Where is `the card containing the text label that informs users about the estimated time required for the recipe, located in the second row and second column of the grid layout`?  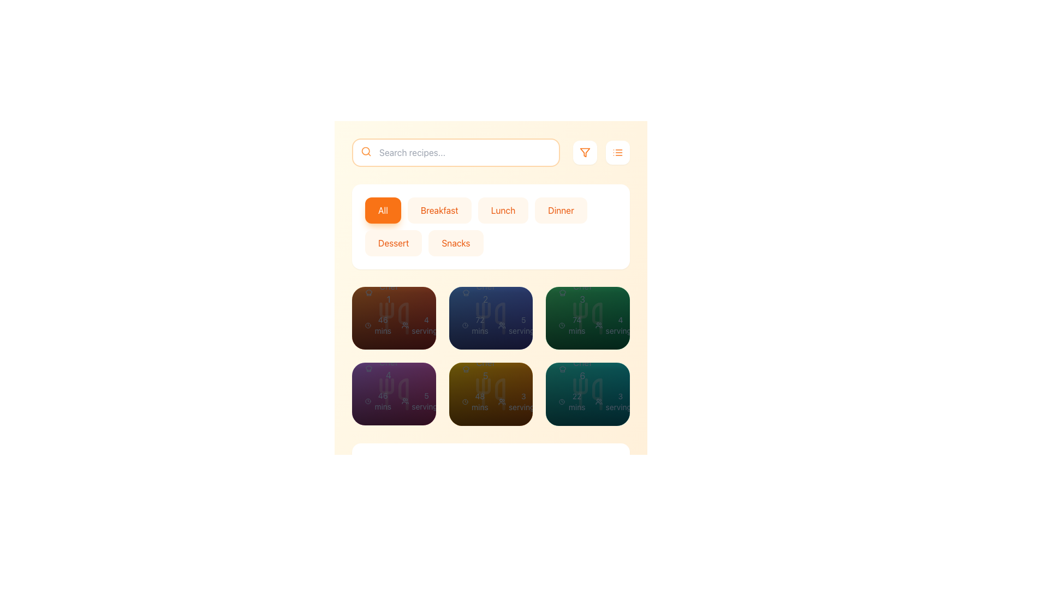
the card containing the text label that informs users about the estimated time required for the recipe, located in the second row and second column of the grid layout is located at coordinates (475, 325).